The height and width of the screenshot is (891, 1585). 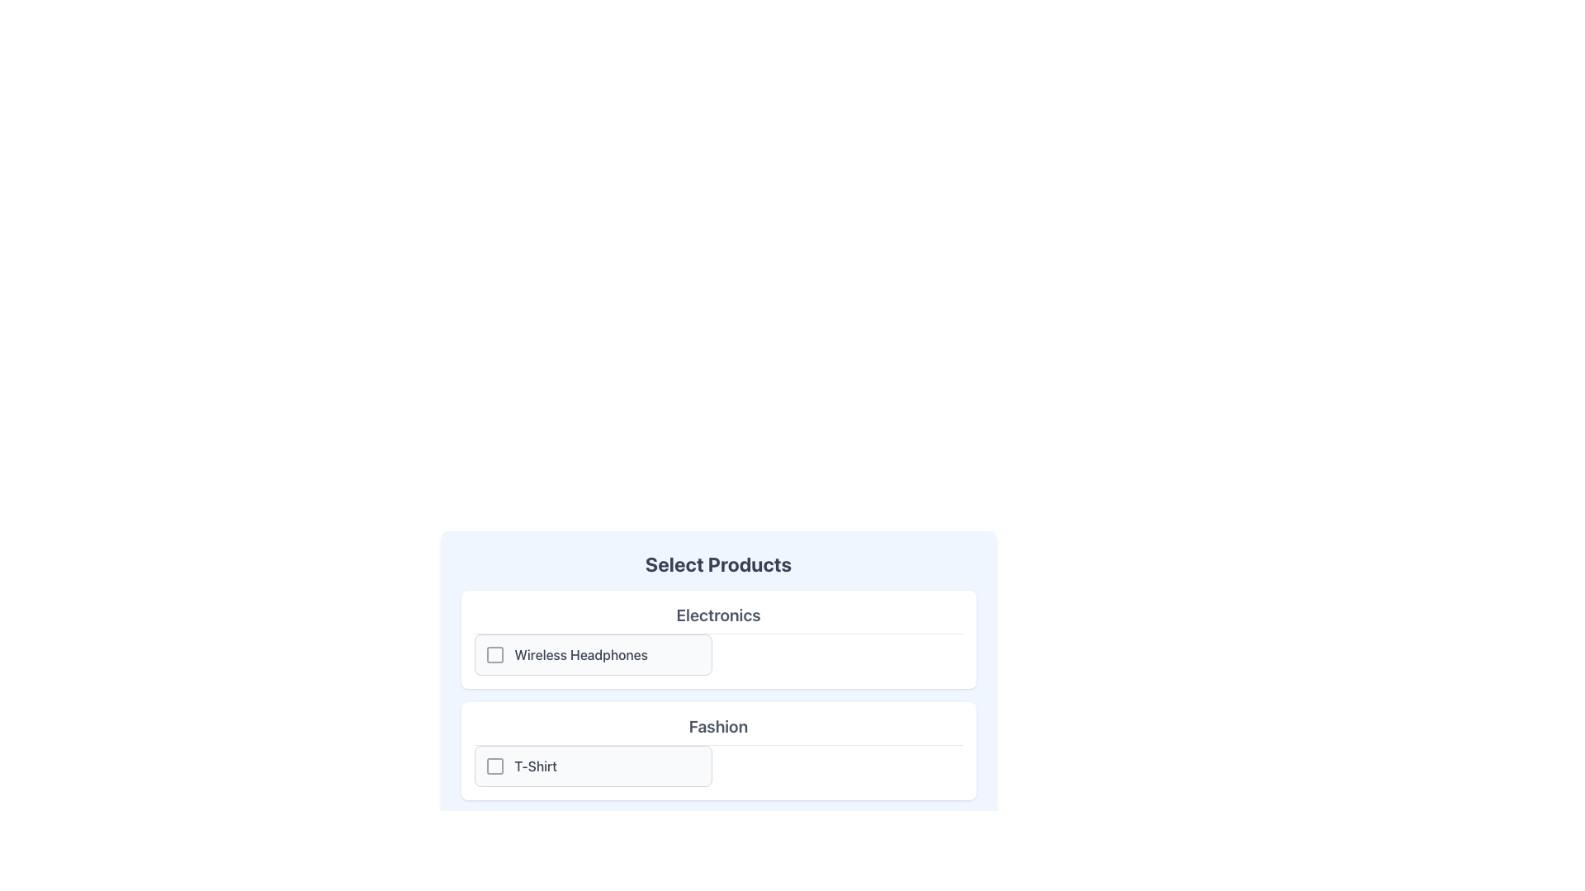 What do you see at coordinates (593, 654) in the screenshot?
I see `the 'Wireless Headphones' checkbox list item` at bounding box center [593, 654].